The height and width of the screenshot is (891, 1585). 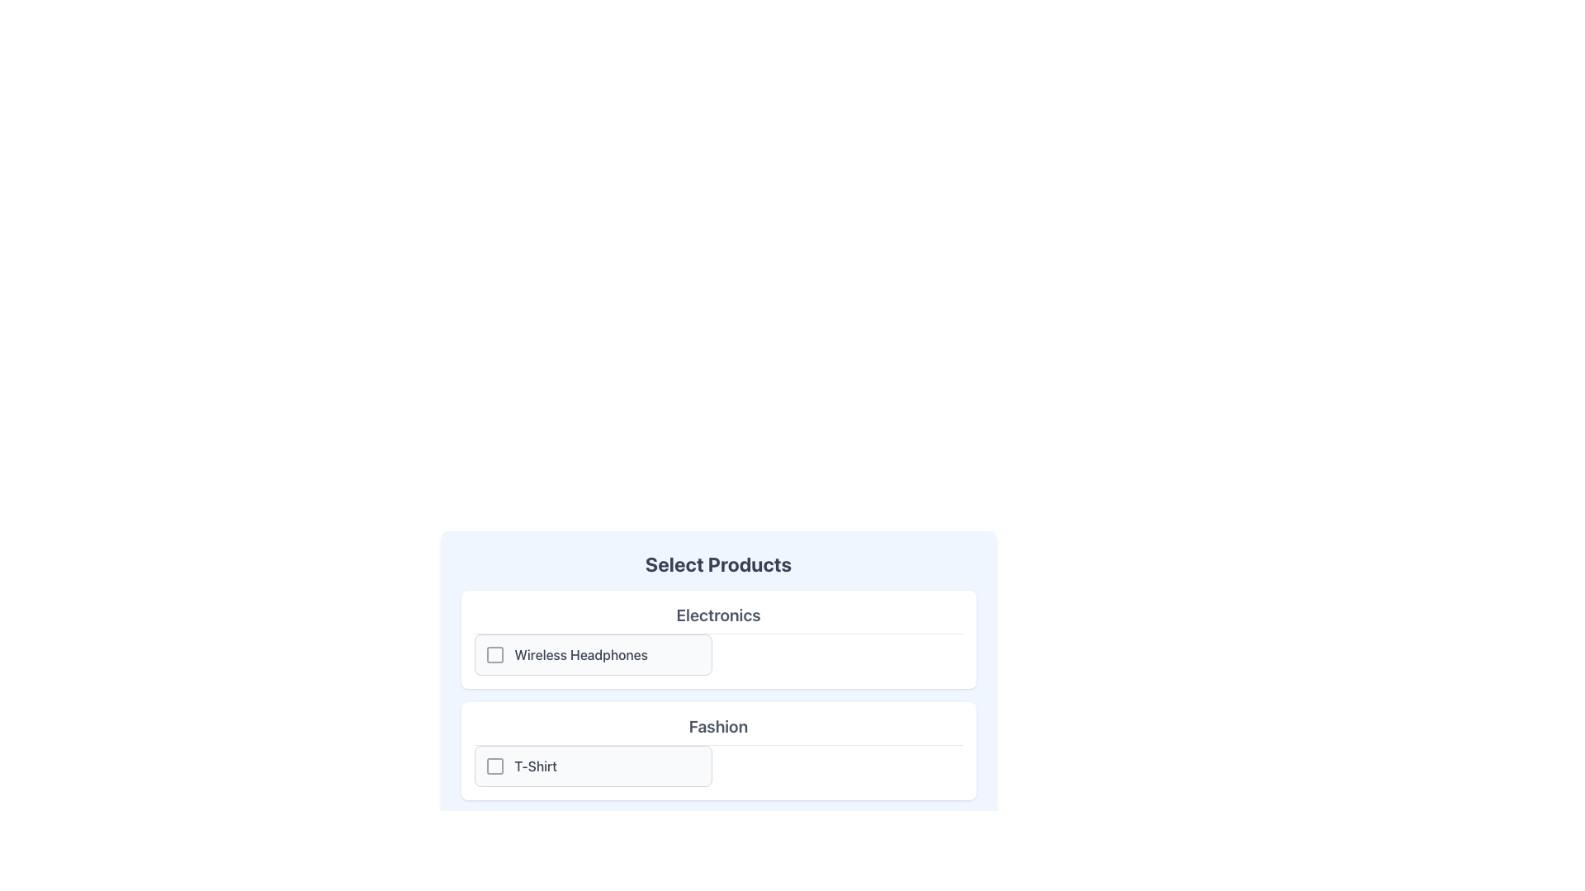 What do you see at coordinates (593, 654) in the screenshot?
I see `the 'Wireless Headphones' checkbox list item` at bounding box center [593, 654].